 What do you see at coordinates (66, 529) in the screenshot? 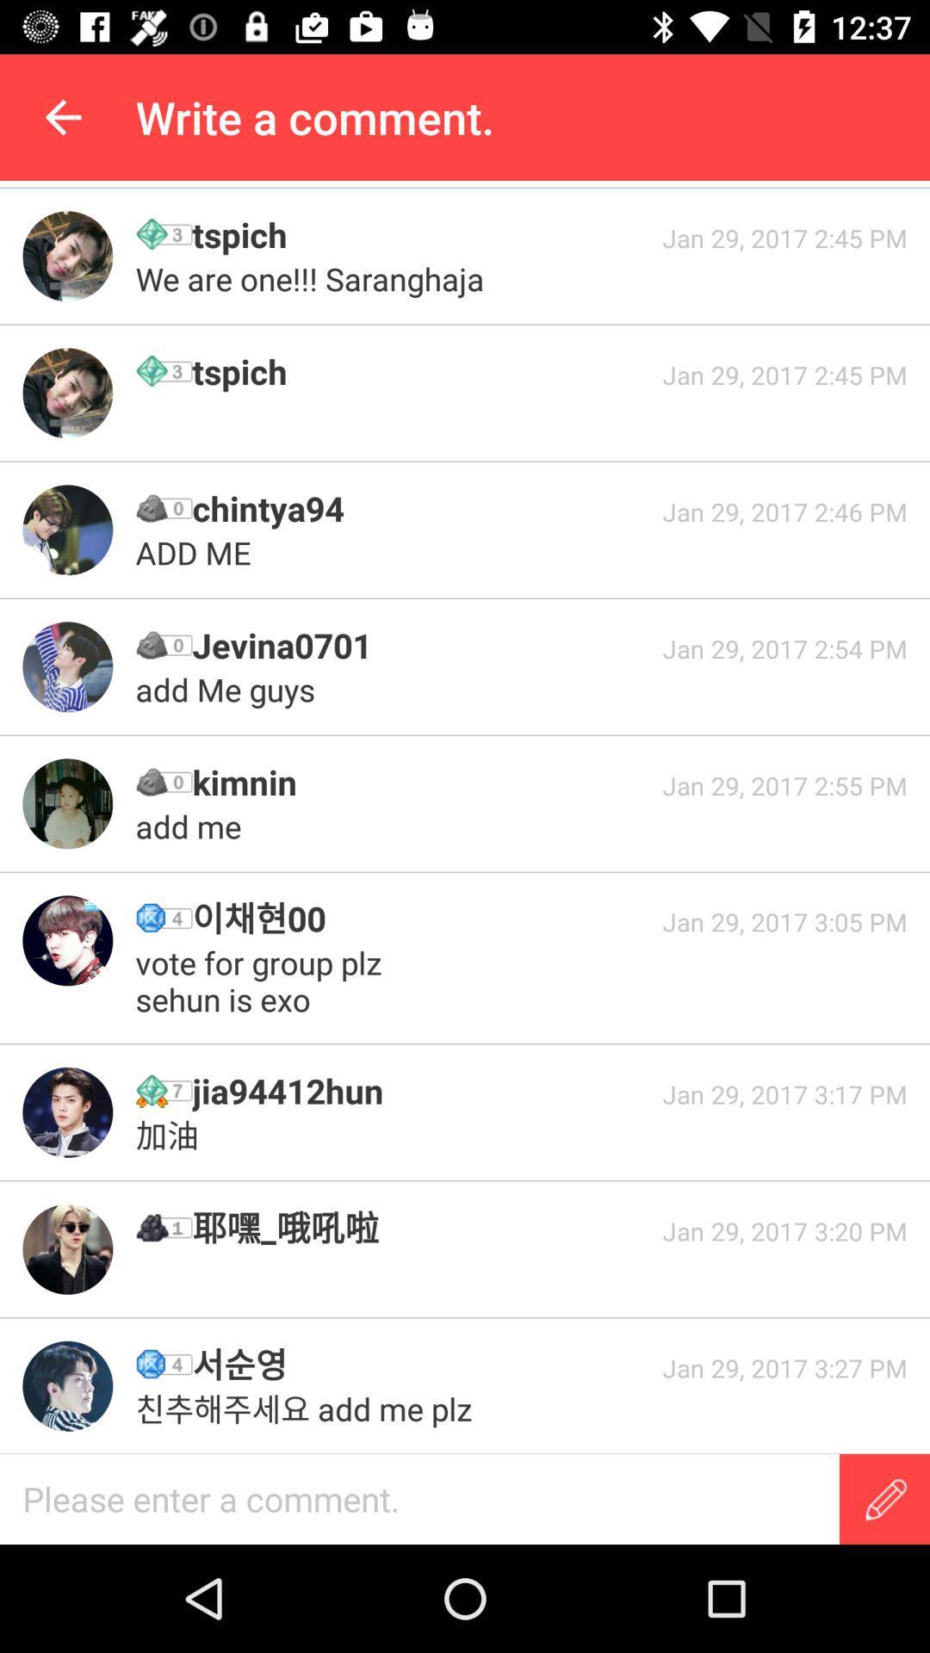
I see `open chintya94 profile picture` at bounding box center [66, 529].